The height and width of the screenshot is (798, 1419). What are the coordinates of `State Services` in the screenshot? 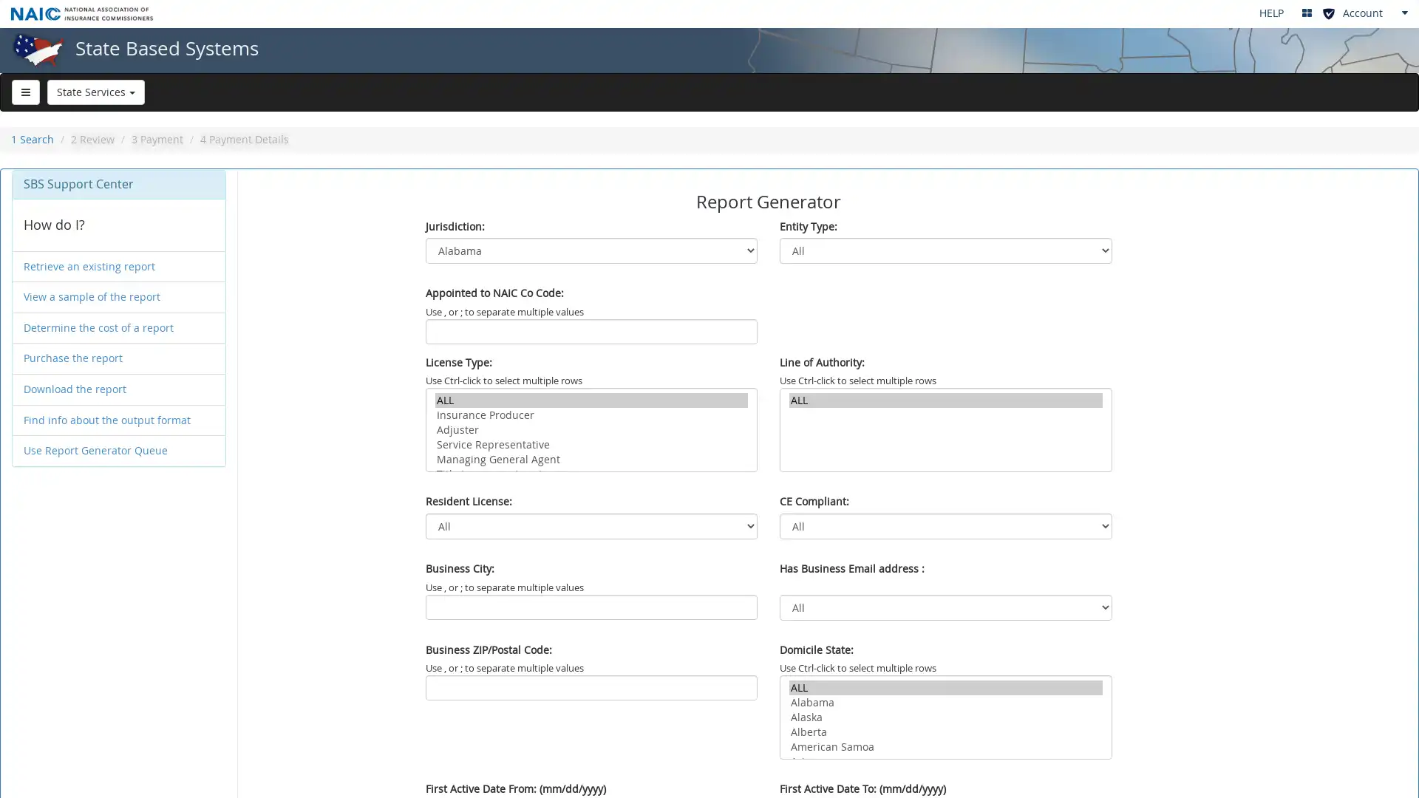 It's located at (95, 91).